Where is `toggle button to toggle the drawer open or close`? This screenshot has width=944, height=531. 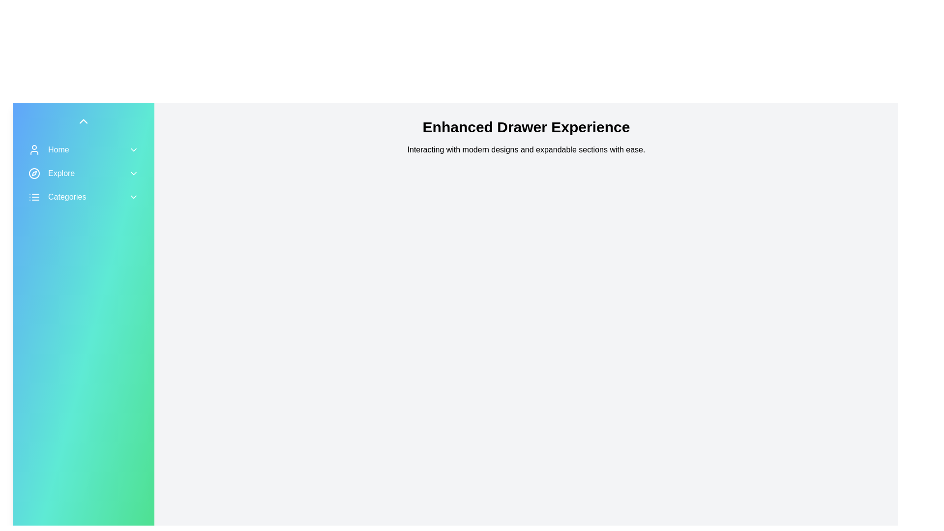 toggle button to toggle the drawer open or close is located at coordinates (83, 120).